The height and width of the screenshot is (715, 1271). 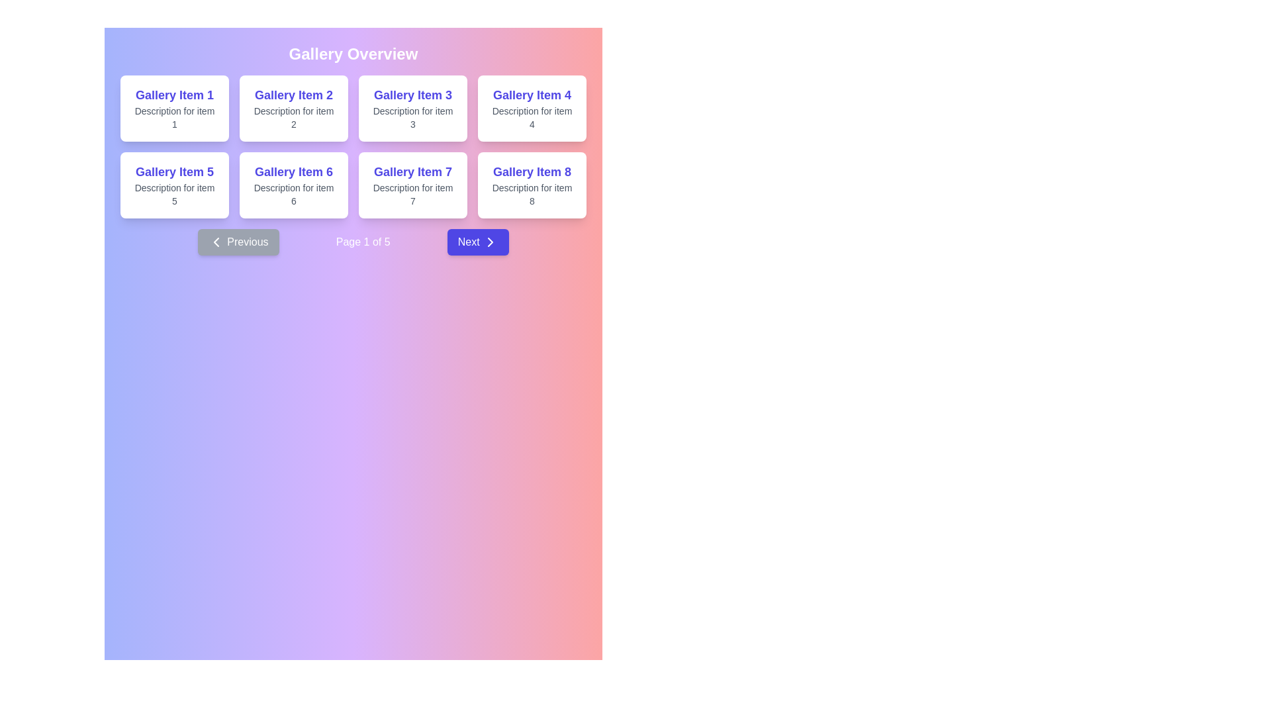 I want to click on text block located in the second row, first column of the gallery, specifically the second text line within the card labeled 'Gallery Item 5', so click(x=174, y=194).